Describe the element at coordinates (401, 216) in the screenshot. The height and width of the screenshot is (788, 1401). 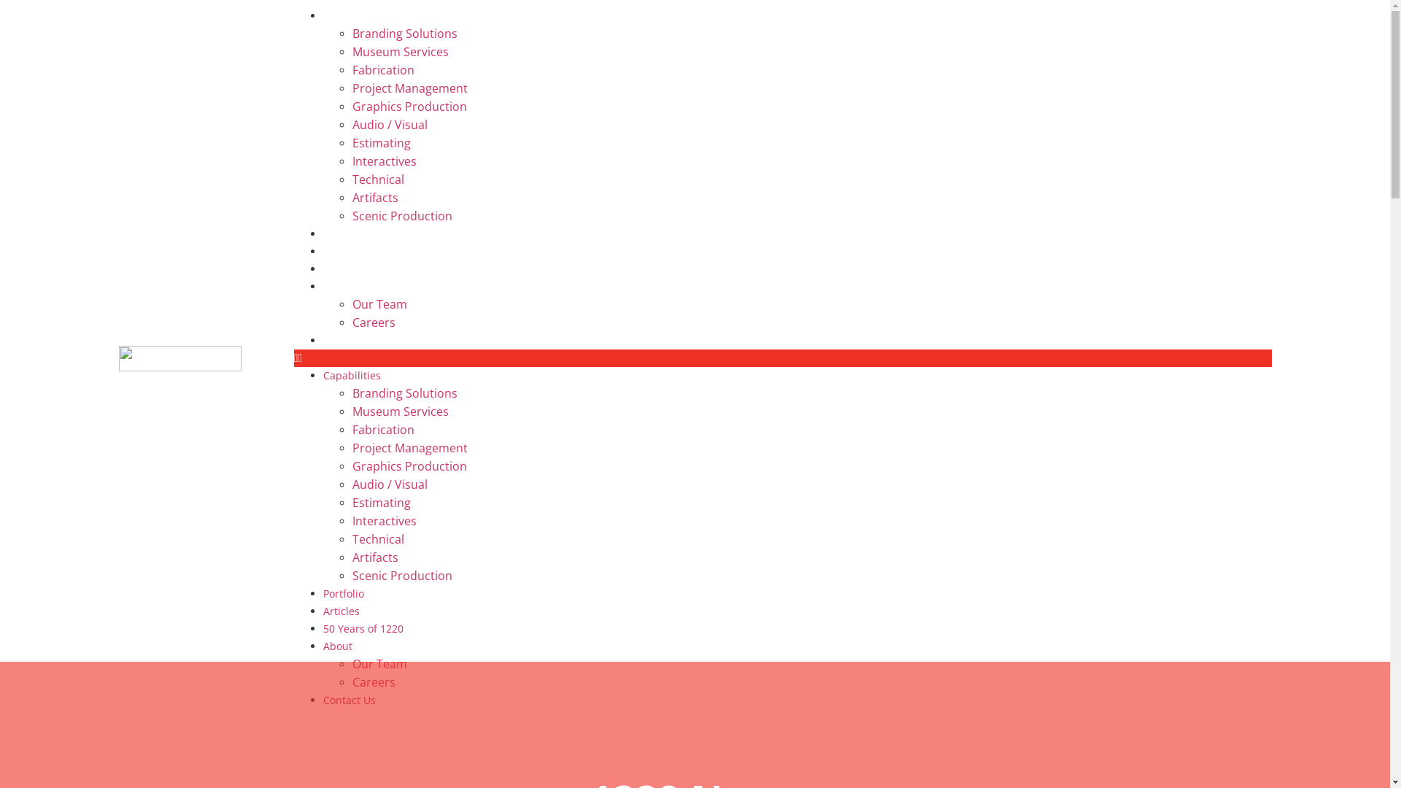
I see `'Scenic Production'` at that location.